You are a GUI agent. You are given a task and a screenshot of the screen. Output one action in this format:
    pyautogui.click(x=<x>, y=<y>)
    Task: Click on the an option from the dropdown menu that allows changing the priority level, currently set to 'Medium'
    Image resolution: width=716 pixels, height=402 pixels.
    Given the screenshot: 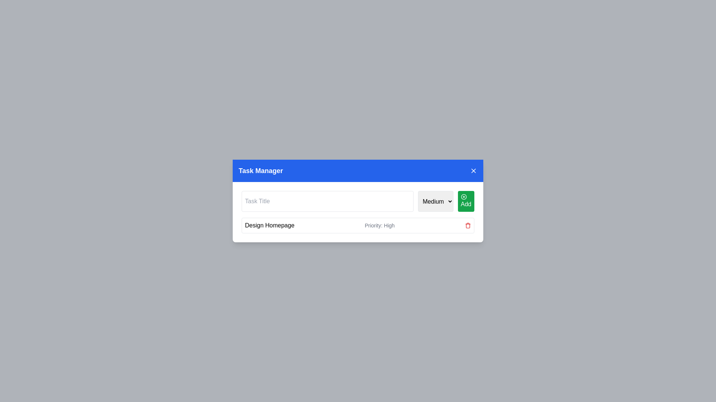 What is the action you would take?
    pyautogui.click(x=435, y=201)
    